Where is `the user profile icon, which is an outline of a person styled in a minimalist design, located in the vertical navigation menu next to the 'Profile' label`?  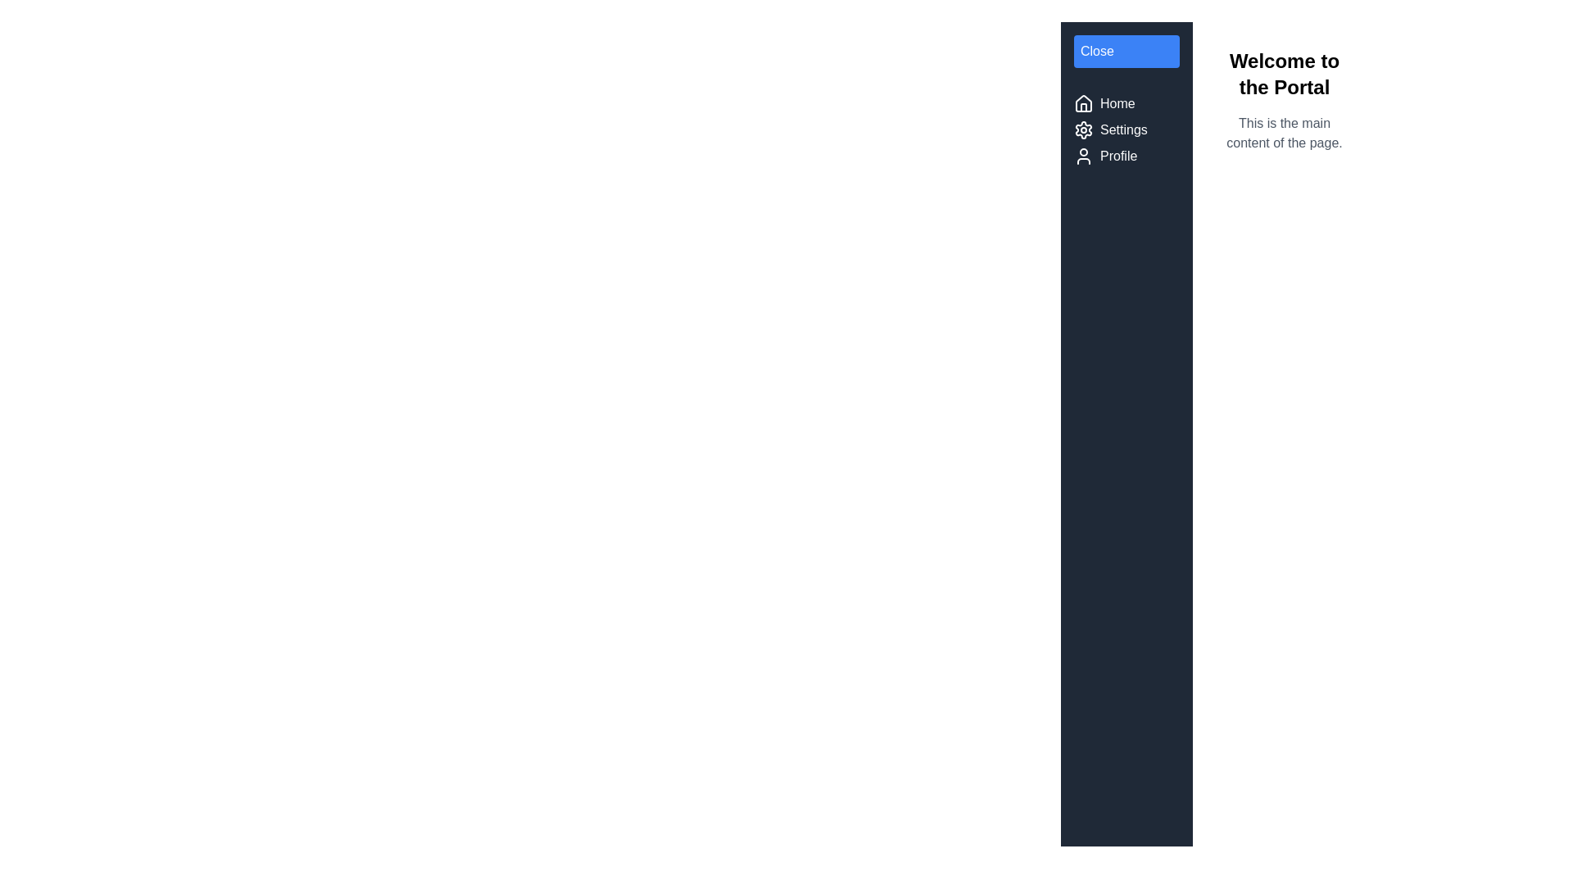
the user profile icon, which is an outline of a person styled in a minimalist design, located in the vertical navigation menu next to the 'Profile' label is located at coordinates (1084, 157).